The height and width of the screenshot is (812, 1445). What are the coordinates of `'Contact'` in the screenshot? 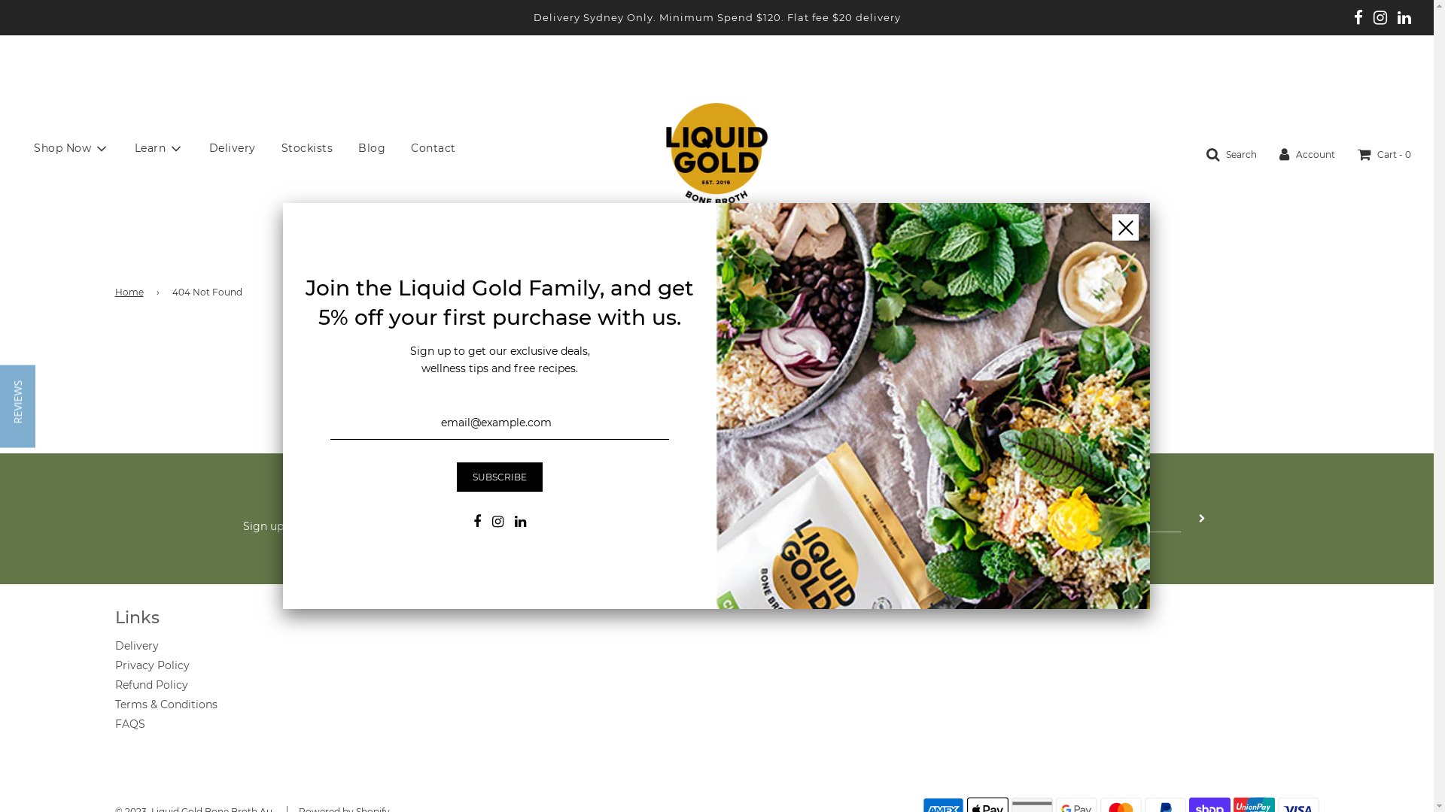 It's located at (433, 147).